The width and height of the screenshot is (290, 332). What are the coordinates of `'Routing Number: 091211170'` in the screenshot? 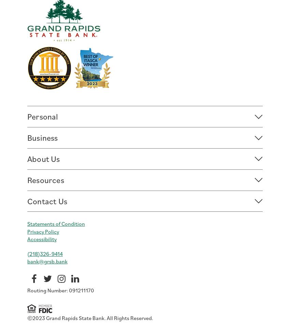 It's located at (27, 290).